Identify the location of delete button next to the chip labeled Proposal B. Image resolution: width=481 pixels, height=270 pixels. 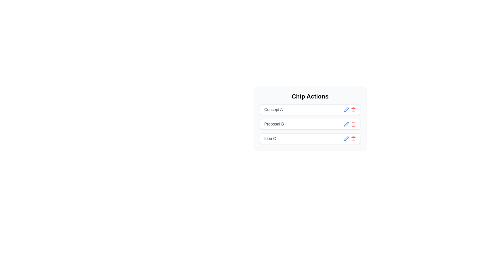
(353, 124).